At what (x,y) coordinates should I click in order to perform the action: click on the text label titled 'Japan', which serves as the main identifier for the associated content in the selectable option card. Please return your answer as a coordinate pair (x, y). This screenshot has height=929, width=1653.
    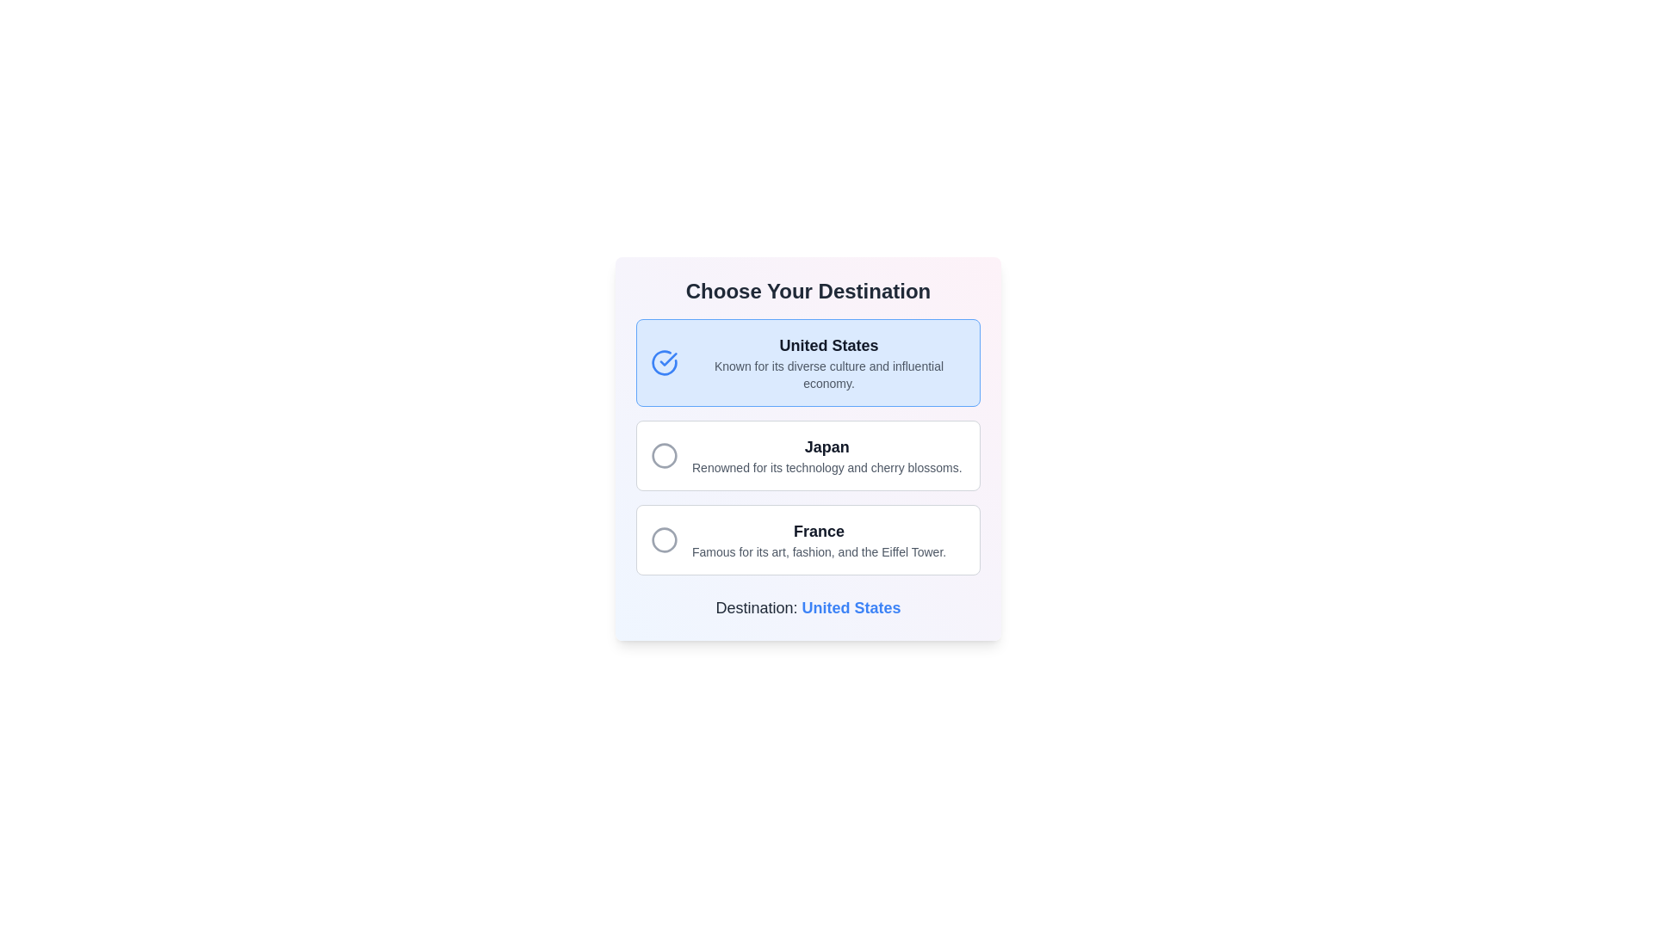
    Looking at the image, I should click on (826, 446).